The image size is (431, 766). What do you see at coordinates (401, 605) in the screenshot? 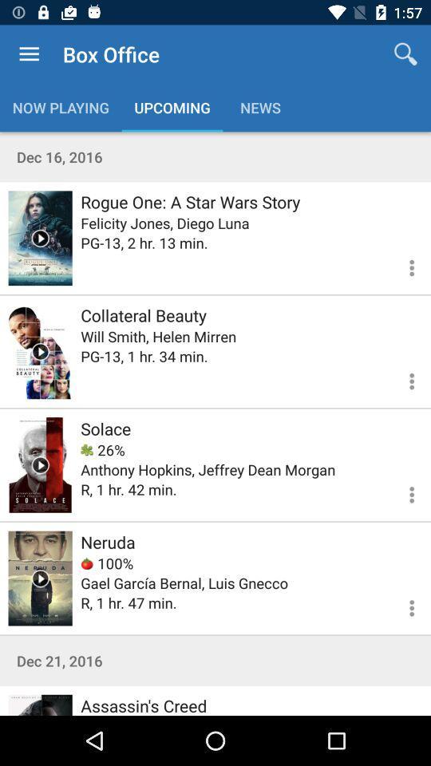
I see `open menu` at bounding box center [401, 605].